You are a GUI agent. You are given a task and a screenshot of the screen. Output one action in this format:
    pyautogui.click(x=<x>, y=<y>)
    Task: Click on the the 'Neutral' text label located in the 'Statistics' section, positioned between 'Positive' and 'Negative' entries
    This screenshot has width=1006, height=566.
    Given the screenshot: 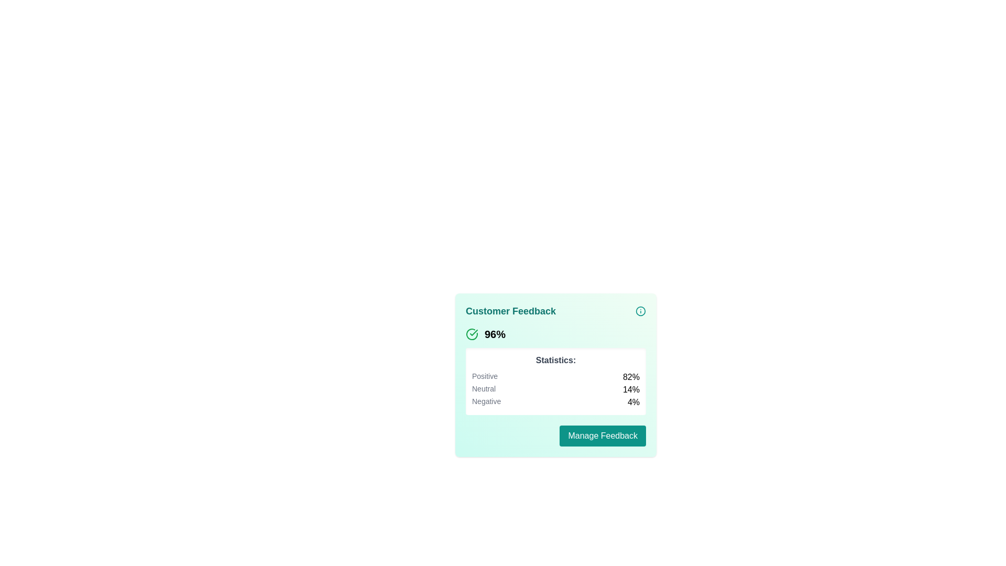 What is the action you would take?
    pyautogui.click(x=483, y=390)
    